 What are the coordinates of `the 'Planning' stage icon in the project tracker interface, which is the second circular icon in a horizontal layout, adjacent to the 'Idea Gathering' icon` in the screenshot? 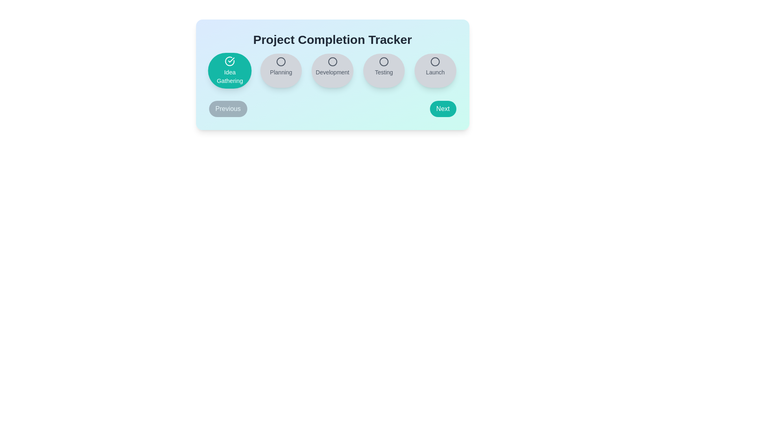 It's located at (281, 61).